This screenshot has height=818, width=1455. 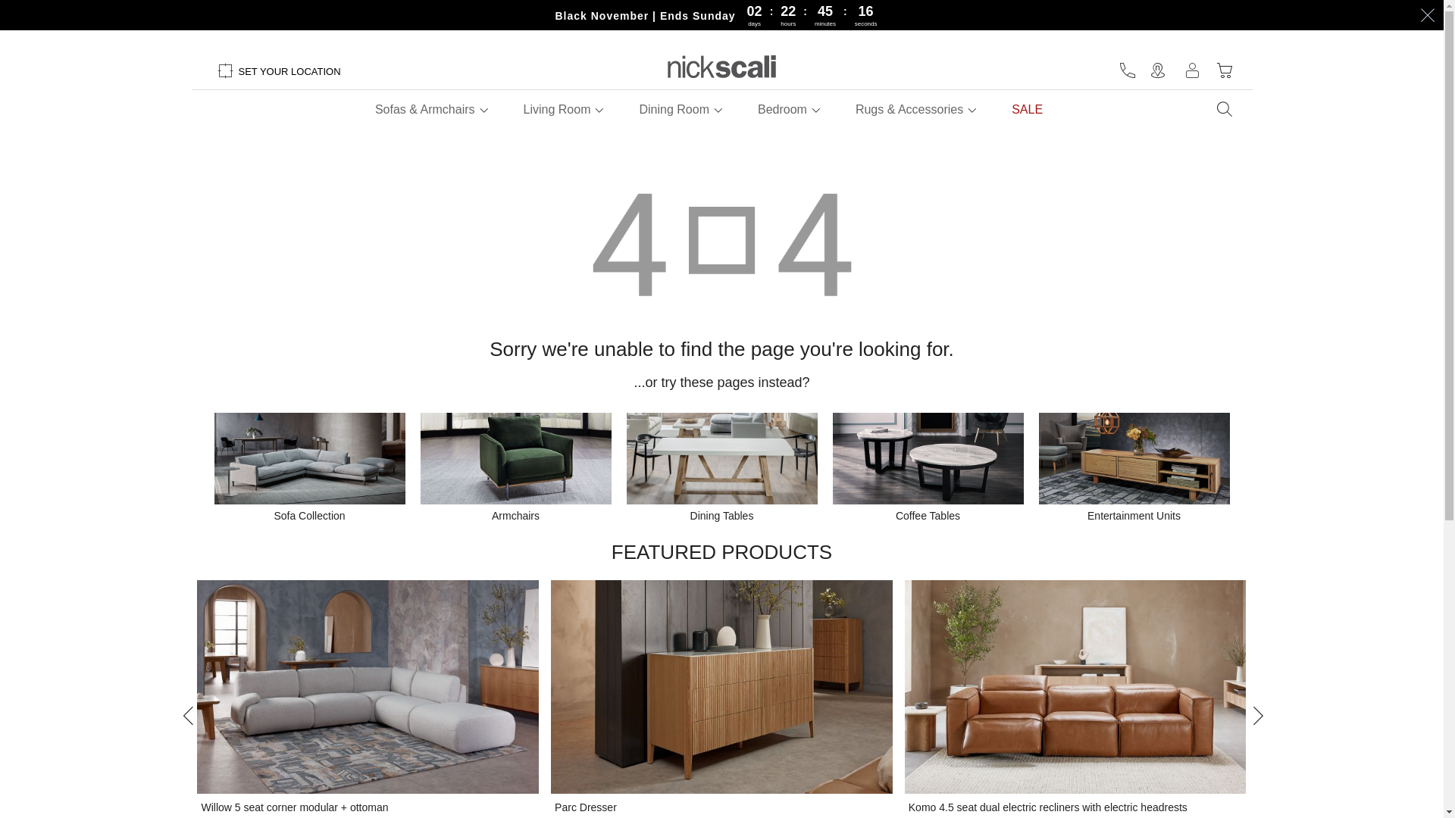 I want to click on 'Dining Room', so click(x=672, y=109).